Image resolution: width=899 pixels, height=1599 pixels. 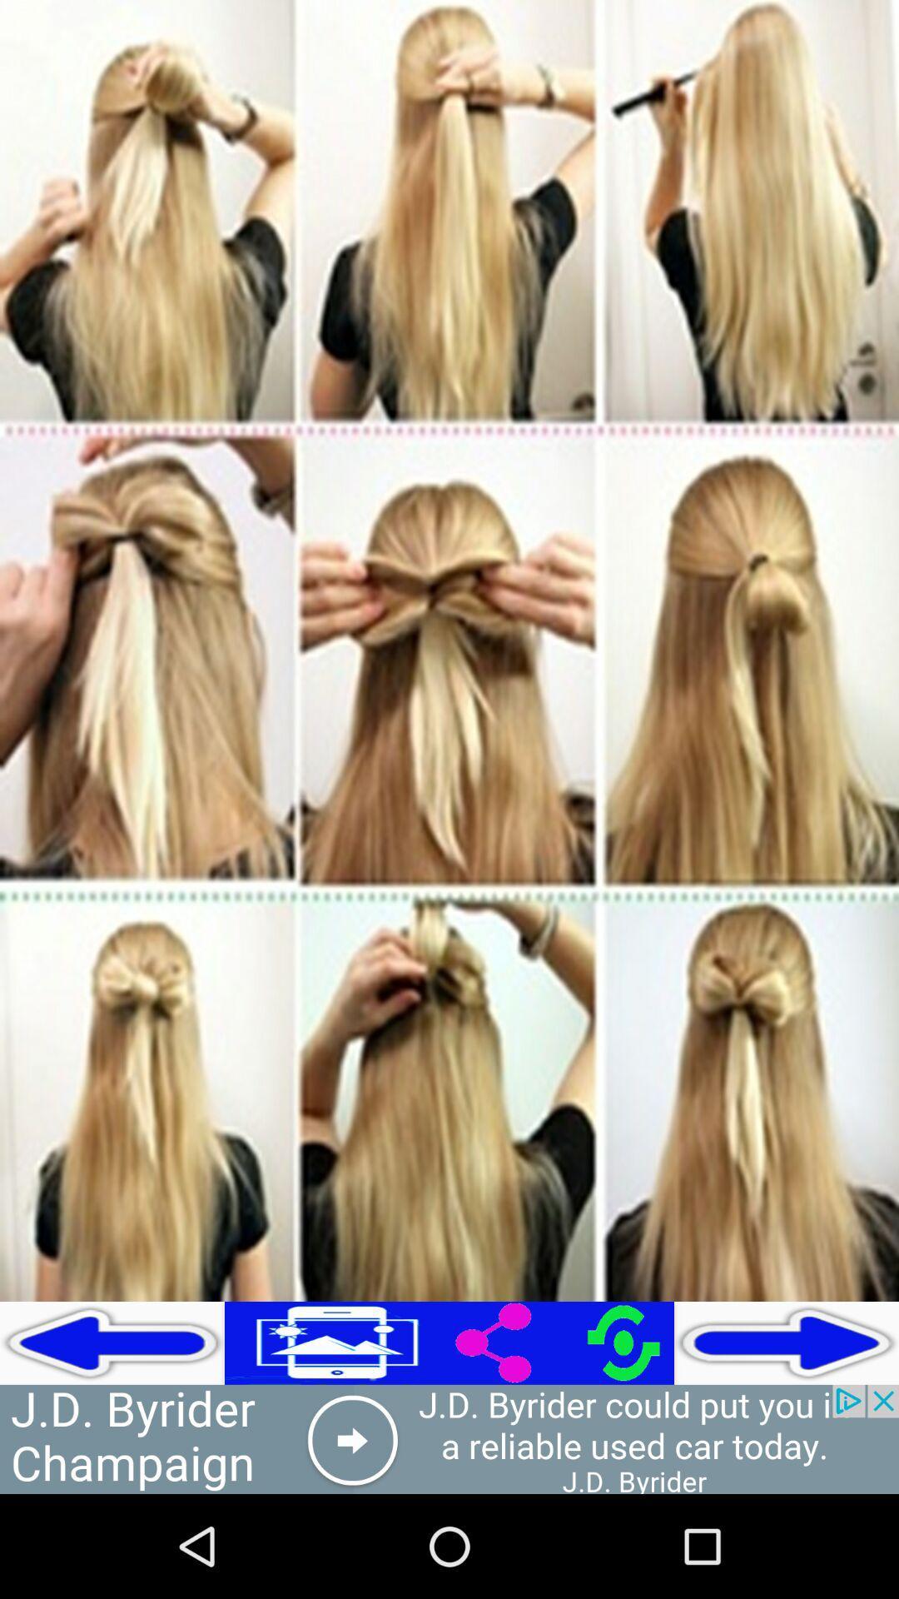 I want to click on back, so click(x=112, y=1342).